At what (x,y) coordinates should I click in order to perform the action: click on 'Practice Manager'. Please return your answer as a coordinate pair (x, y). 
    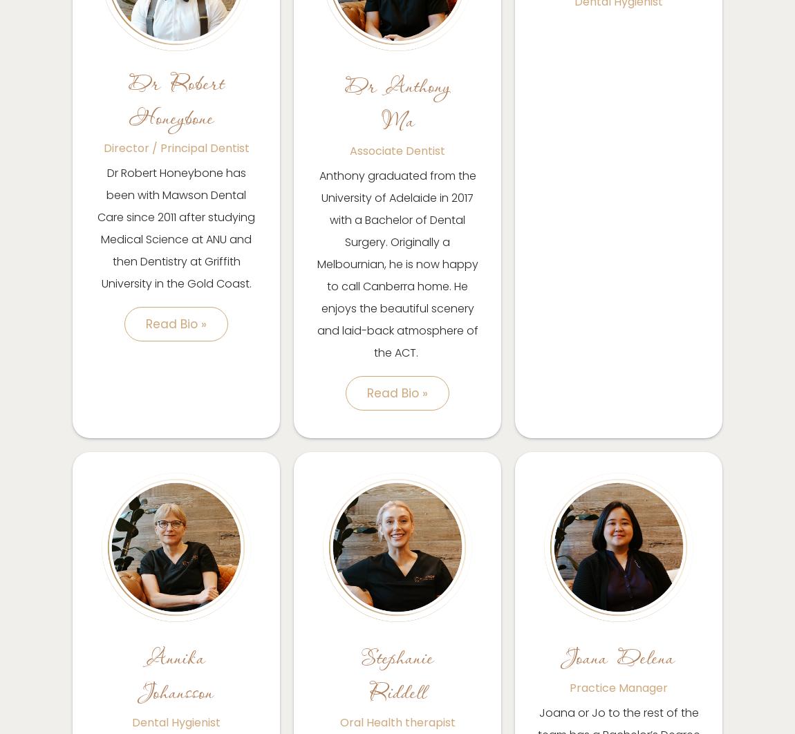
    Looking at the image, I should click on (619, 687).